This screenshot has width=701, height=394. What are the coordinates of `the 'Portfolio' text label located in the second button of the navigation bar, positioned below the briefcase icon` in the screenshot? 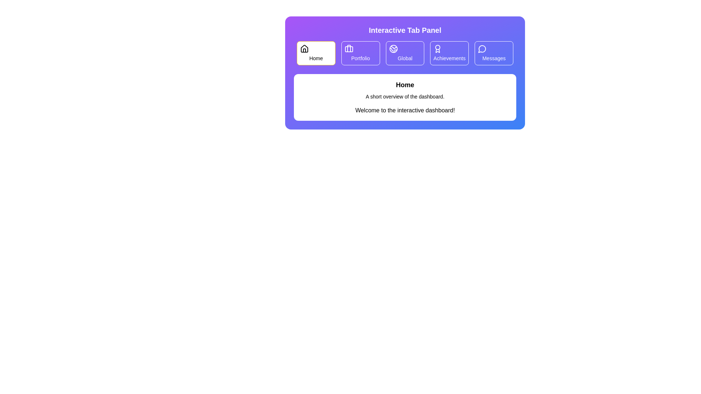 It's located at (360, 58).